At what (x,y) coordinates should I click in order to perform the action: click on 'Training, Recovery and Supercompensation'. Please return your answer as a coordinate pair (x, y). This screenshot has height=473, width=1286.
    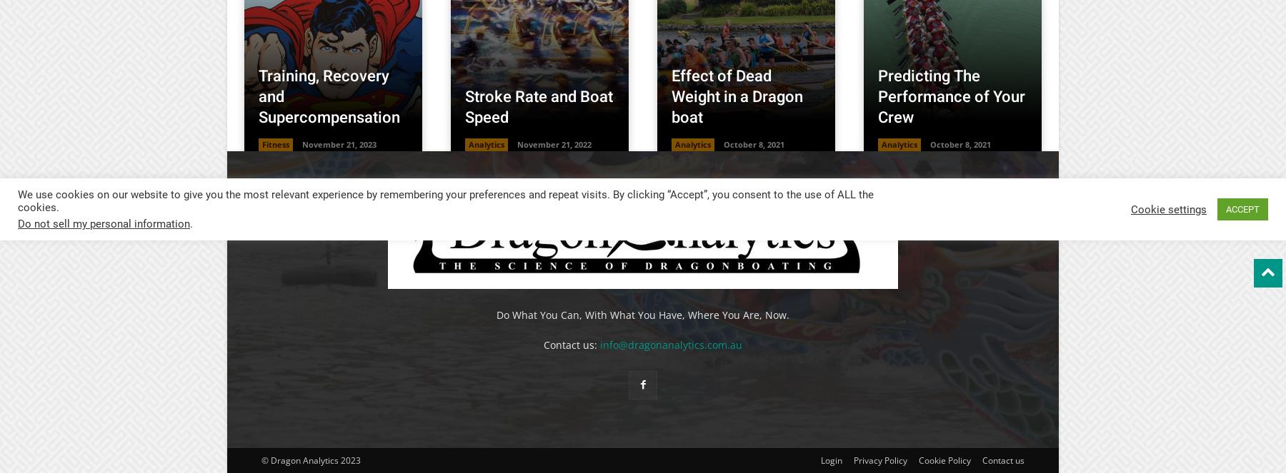
    Looking at the image, I should click on (328, 96).